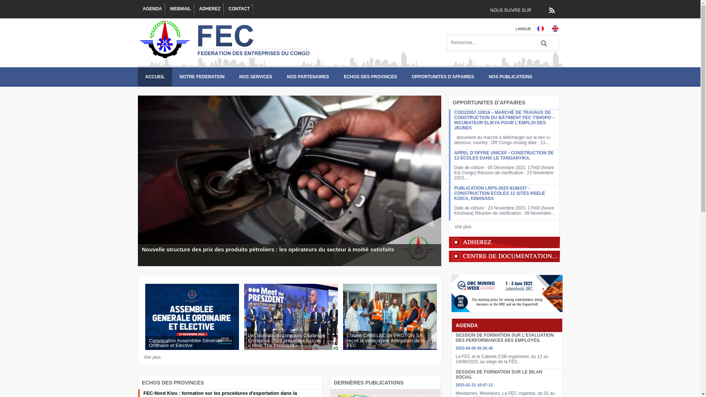 The height and width of the screenshot is (397, 706). What do you see at coordinates (238, 10) in the screenshot?
I see `'CONTACT'` at bounding box center [238, 10].